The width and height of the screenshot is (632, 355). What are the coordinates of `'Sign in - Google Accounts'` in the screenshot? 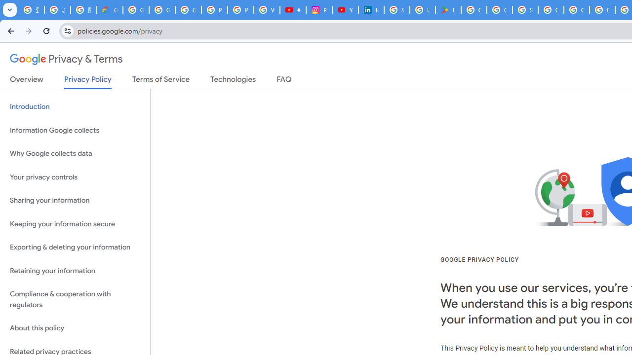 It's located at (525, 10).